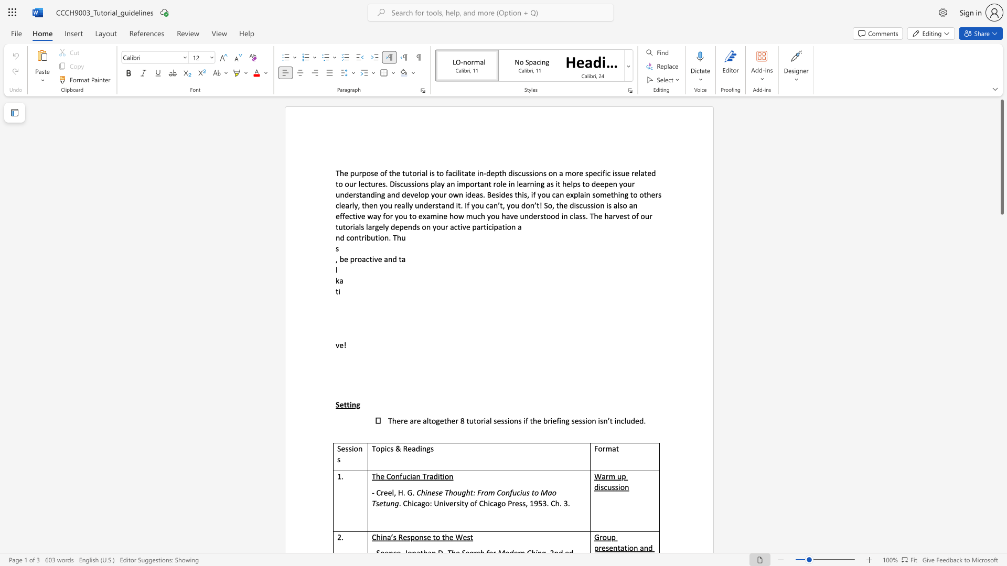  I want to click on the scrollbar on the side, so click(1001, 319).